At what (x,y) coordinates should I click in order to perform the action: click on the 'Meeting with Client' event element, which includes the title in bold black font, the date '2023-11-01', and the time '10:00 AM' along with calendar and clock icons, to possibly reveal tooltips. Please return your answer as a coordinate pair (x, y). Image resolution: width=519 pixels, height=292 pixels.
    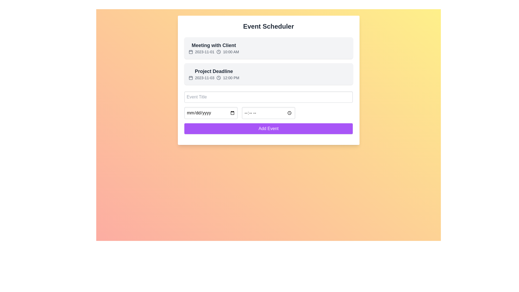
    Looking at the image, I should click on (213, 48).